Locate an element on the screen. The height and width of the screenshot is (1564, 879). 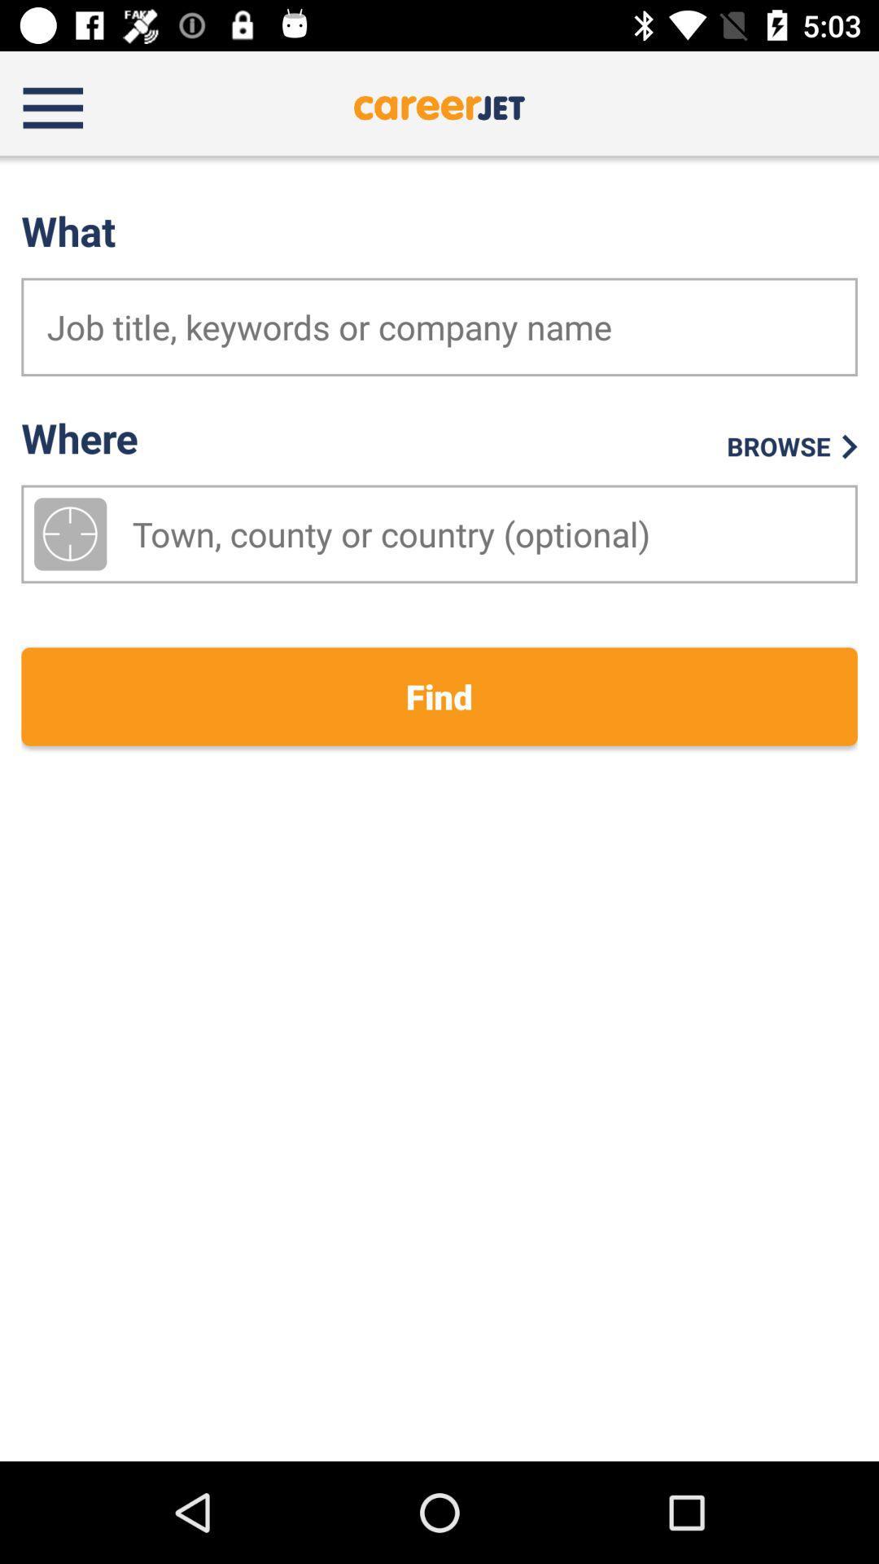
search textbox is located at coordinates (439, 326).